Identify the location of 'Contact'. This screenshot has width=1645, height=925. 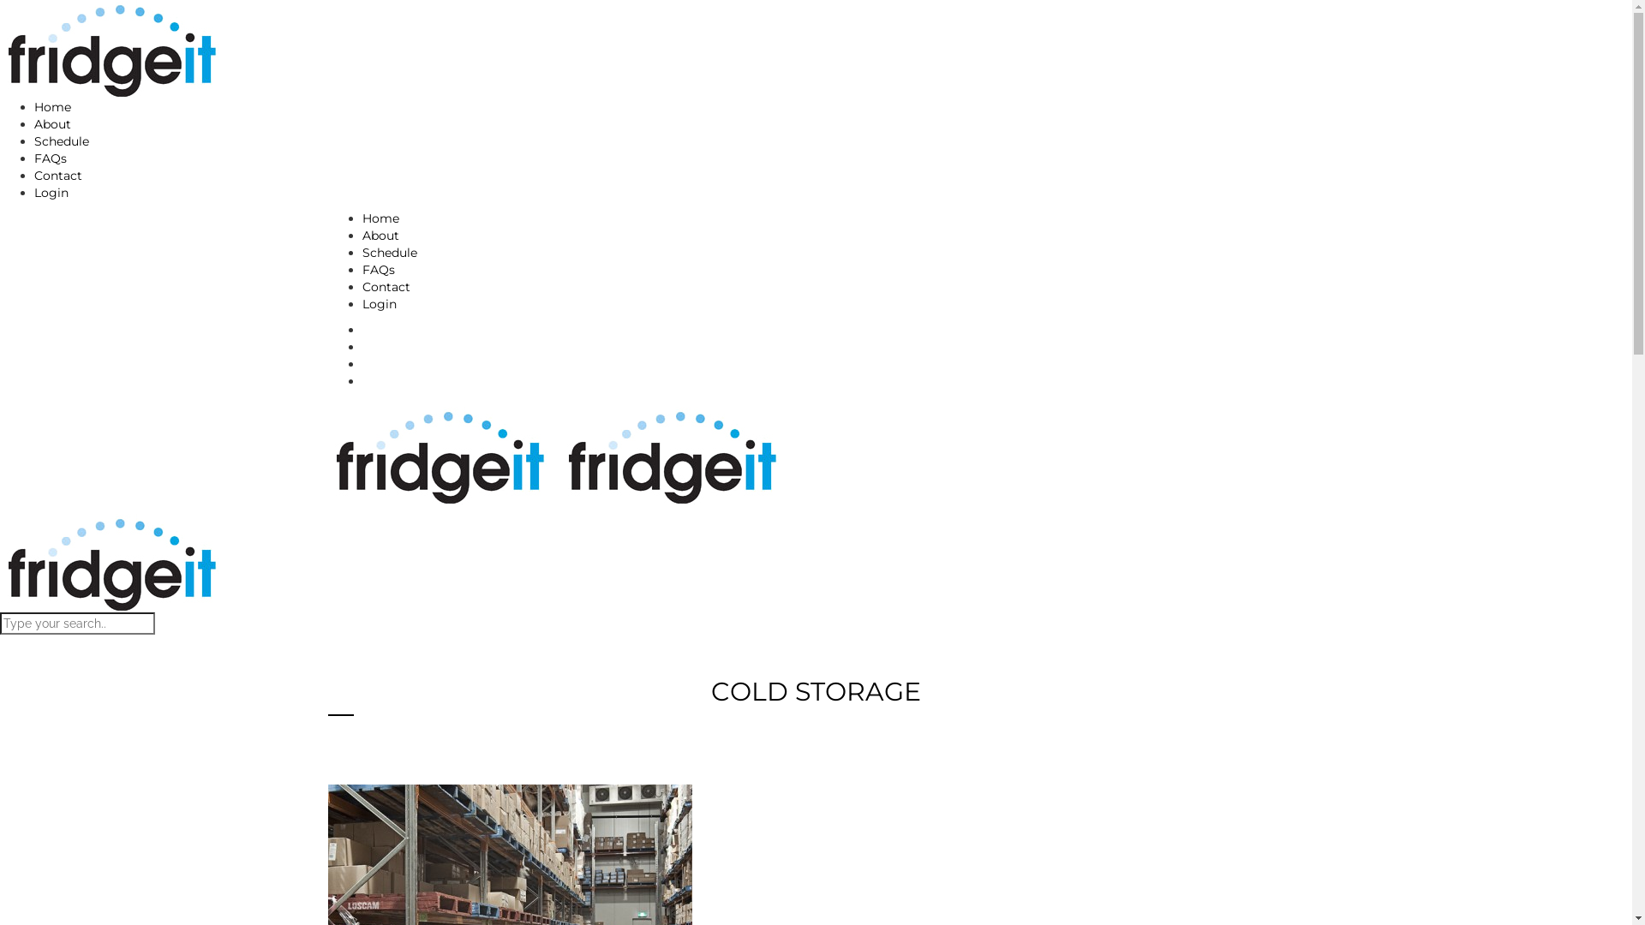
(361, 286).